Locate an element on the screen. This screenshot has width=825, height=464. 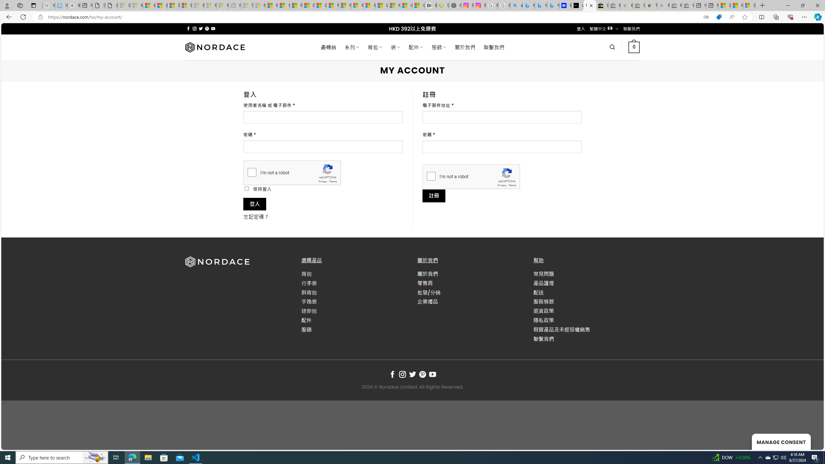
'Follow on Facebook' is located at coordinates (392, 374).